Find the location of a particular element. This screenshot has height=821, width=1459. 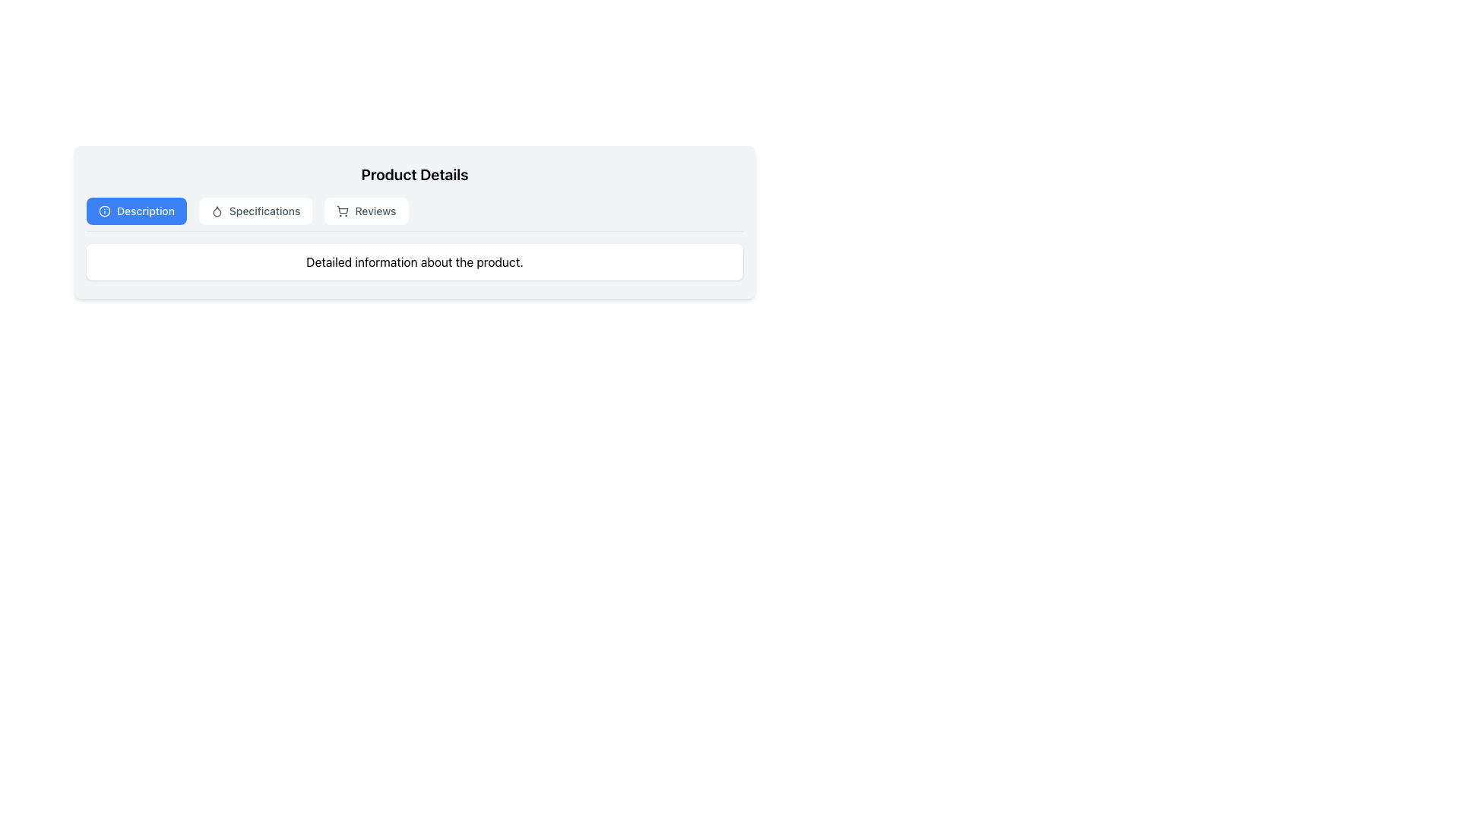

the Text display panel that displays detailed information about the product, located below the tabs labeled 'Description', 'Specifications', and 'Reviews' is located at coordinates (415, 261).